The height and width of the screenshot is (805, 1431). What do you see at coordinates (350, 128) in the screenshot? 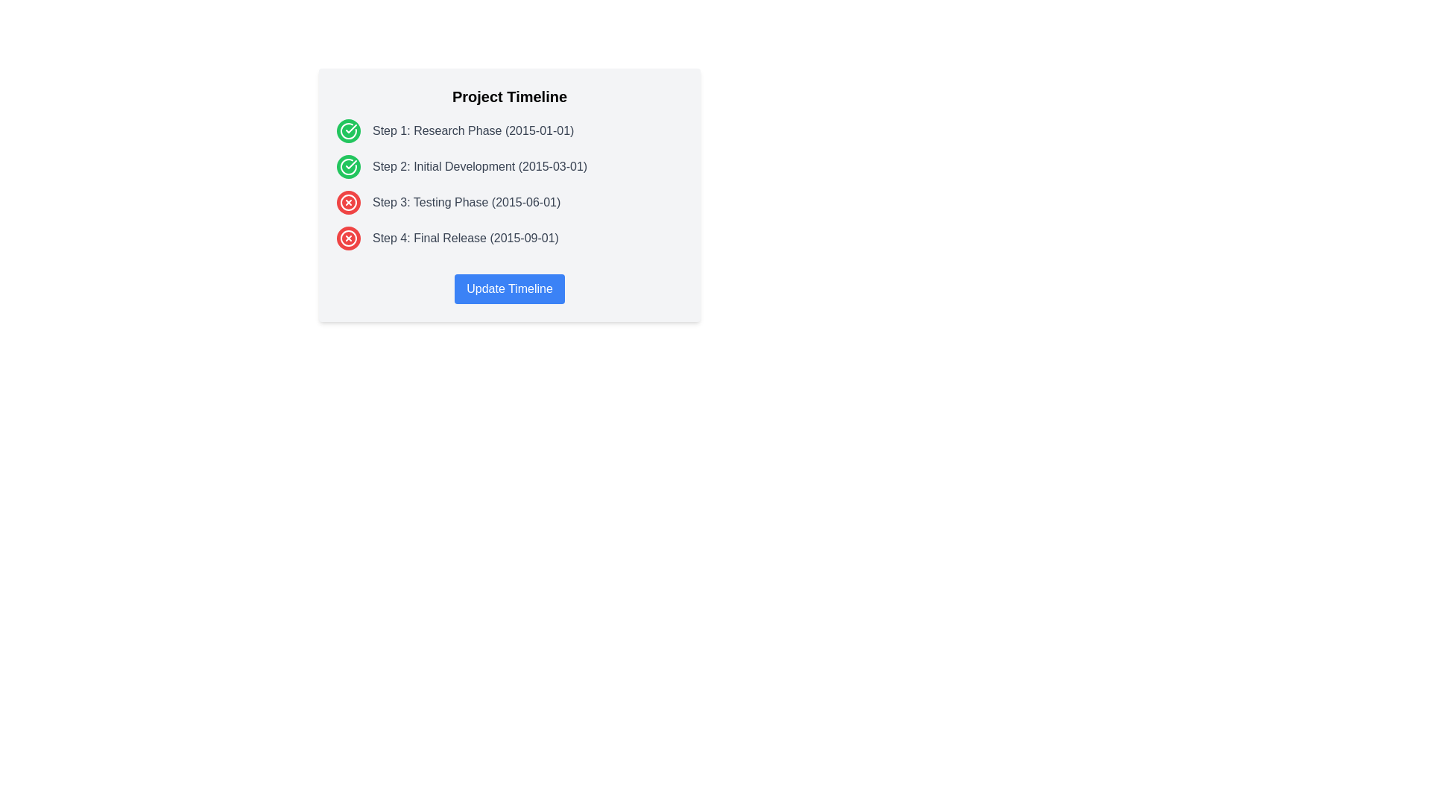
I see `the completion status icon for 'Step 1: Research Phase (2015-01-01)' to indicate that this step has been successfully completed` at bounding box center [350, 128].